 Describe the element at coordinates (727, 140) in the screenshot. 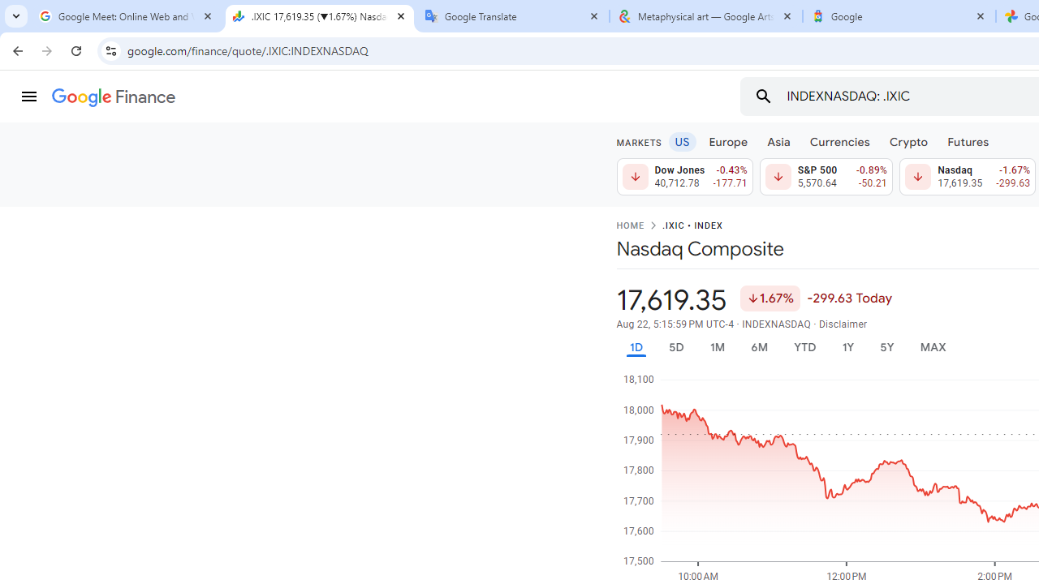

I see `'Europe'` at that location.